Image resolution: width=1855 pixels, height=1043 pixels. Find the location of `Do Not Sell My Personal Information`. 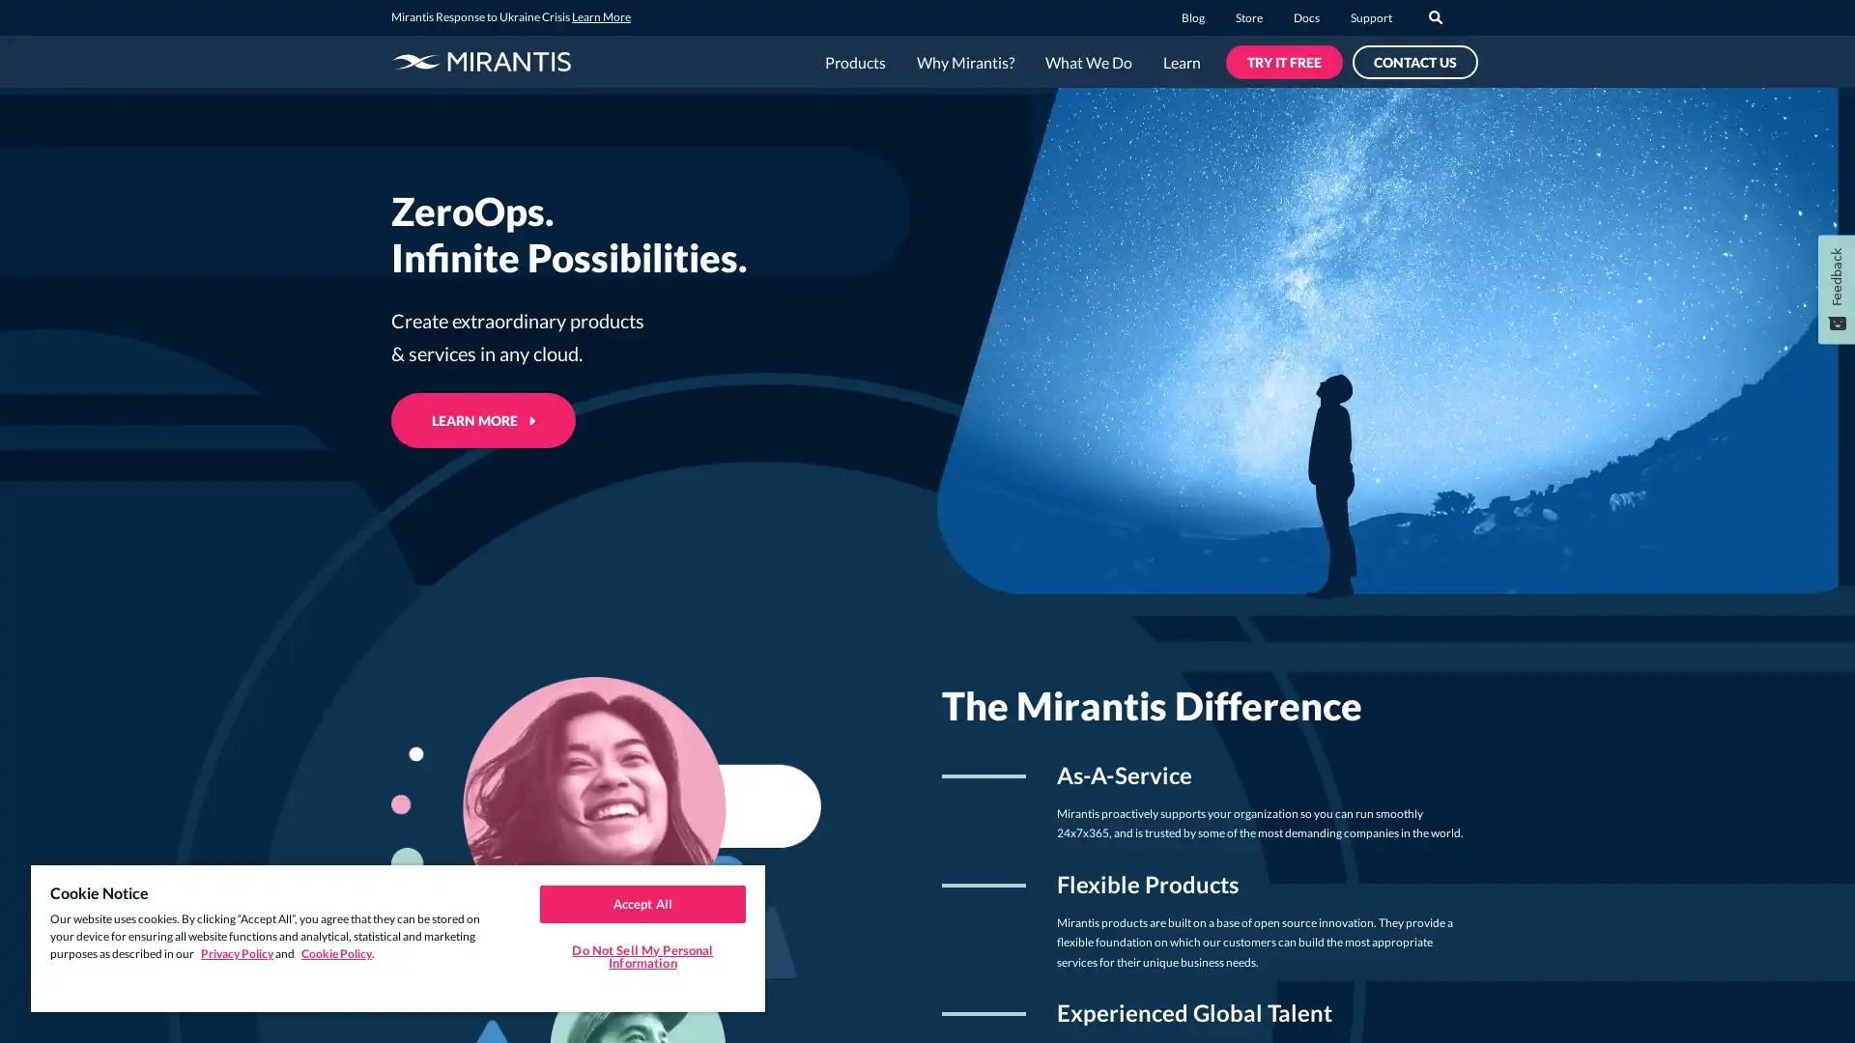

Do Not Sell My Personal Information is located at coordinates (642, 956).